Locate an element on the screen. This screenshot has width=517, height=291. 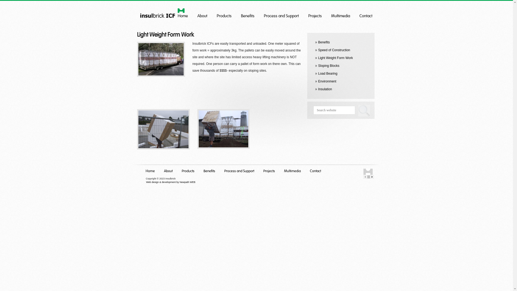
'Light Weight Form Work' is located at coordinates (335, 58).